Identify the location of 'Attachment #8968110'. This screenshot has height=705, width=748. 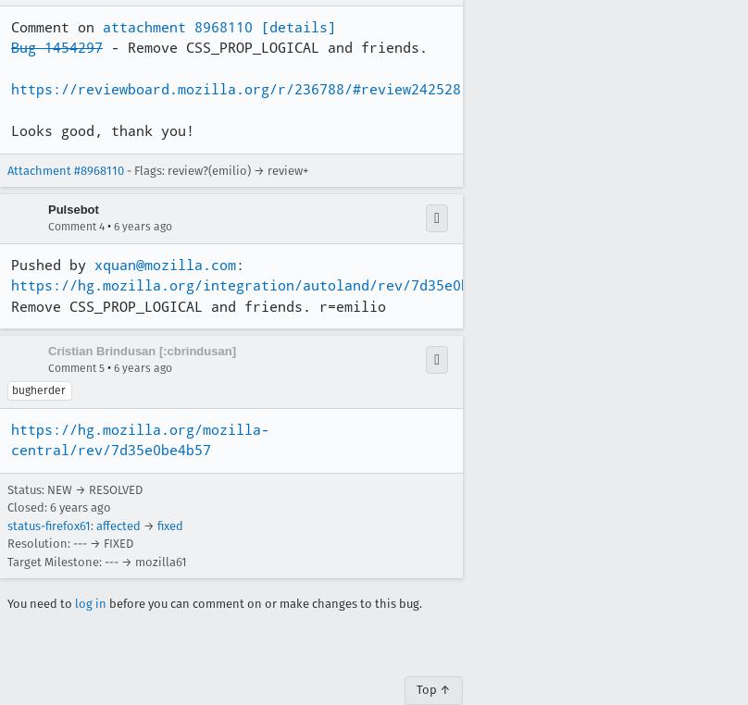
(66, 168).